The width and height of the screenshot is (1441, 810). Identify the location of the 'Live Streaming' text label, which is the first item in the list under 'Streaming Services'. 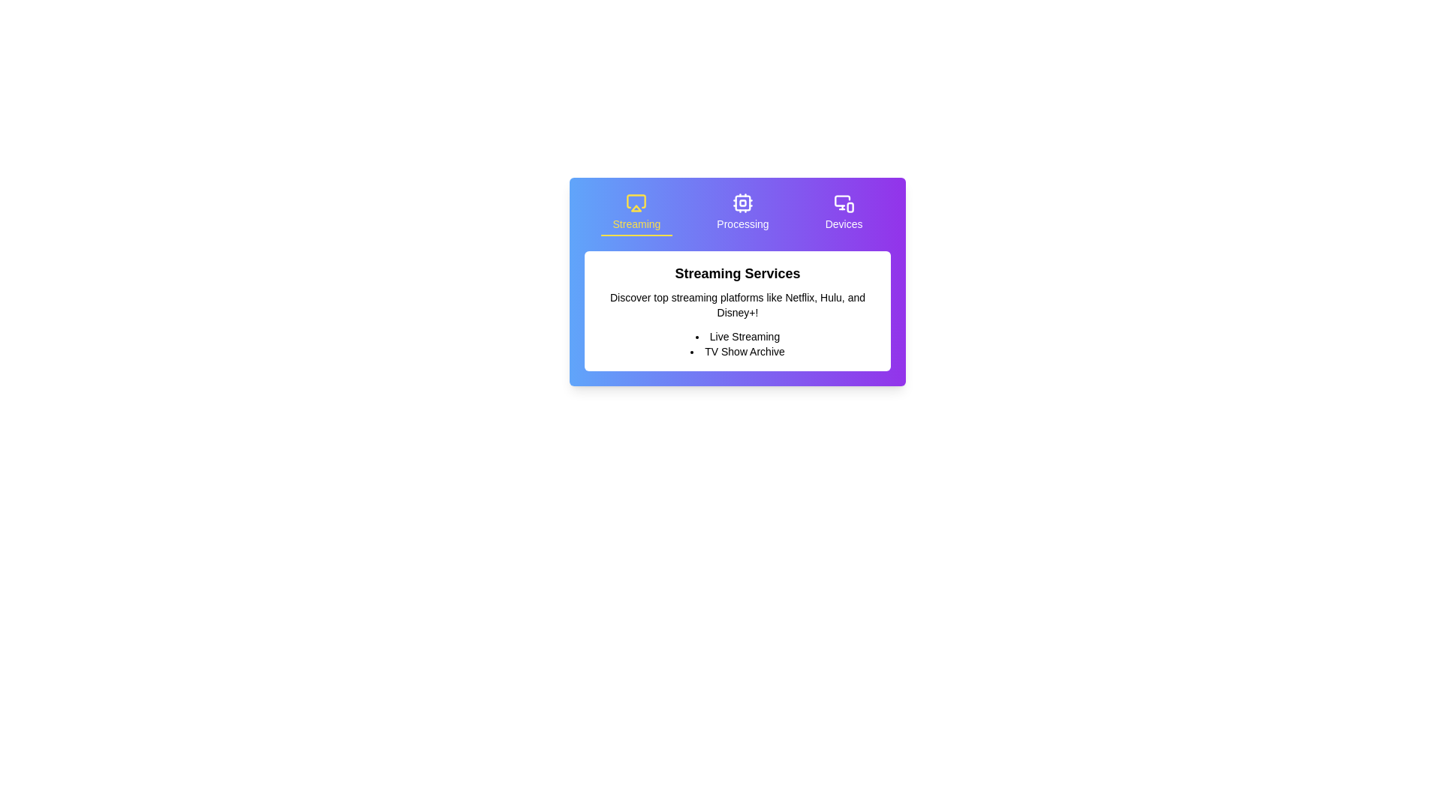
(738, 335).